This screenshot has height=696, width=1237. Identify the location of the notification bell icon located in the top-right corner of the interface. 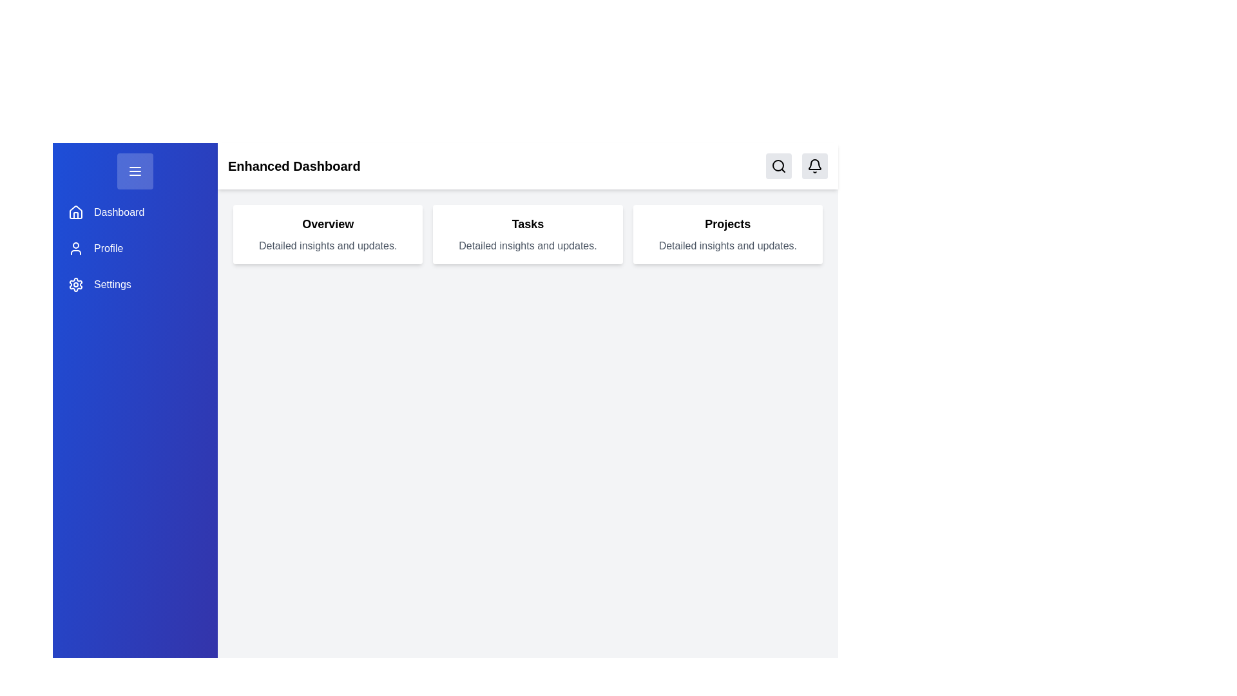
(814, 166).